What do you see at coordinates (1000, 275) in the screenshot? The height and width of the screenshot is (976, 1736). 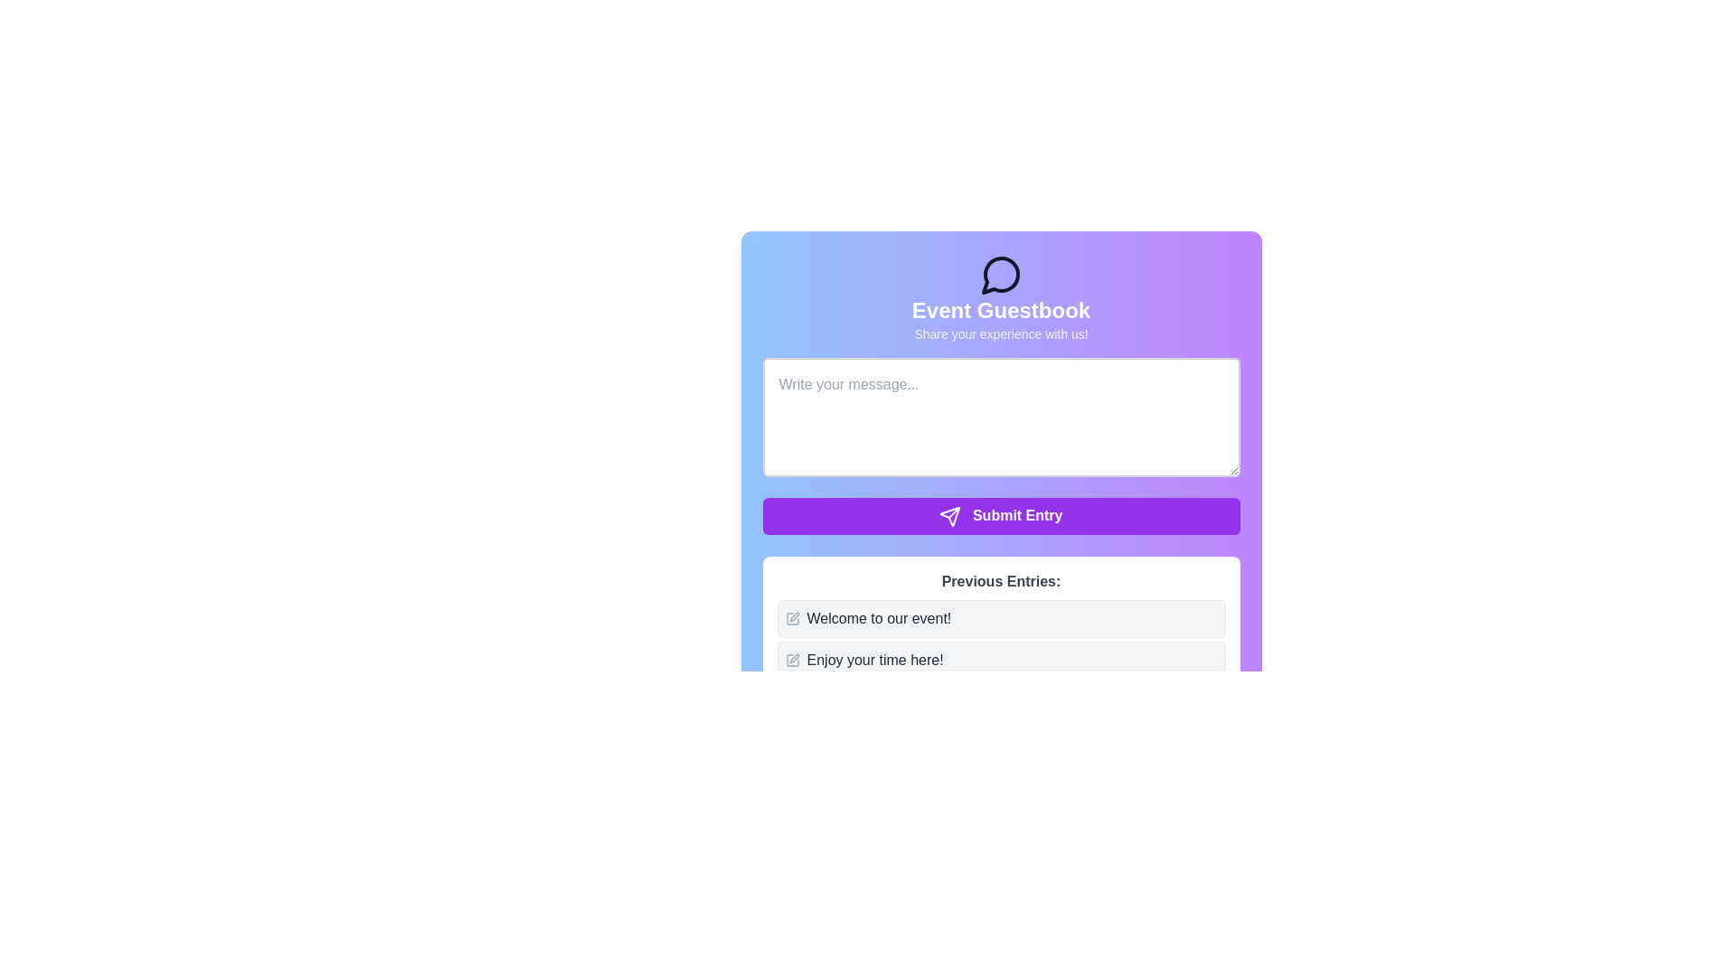 I see `the speech bubble icon located at the top center of the interface, which represents communication for the 'Event Guestbook' section` at bounding box center [1000, 275].